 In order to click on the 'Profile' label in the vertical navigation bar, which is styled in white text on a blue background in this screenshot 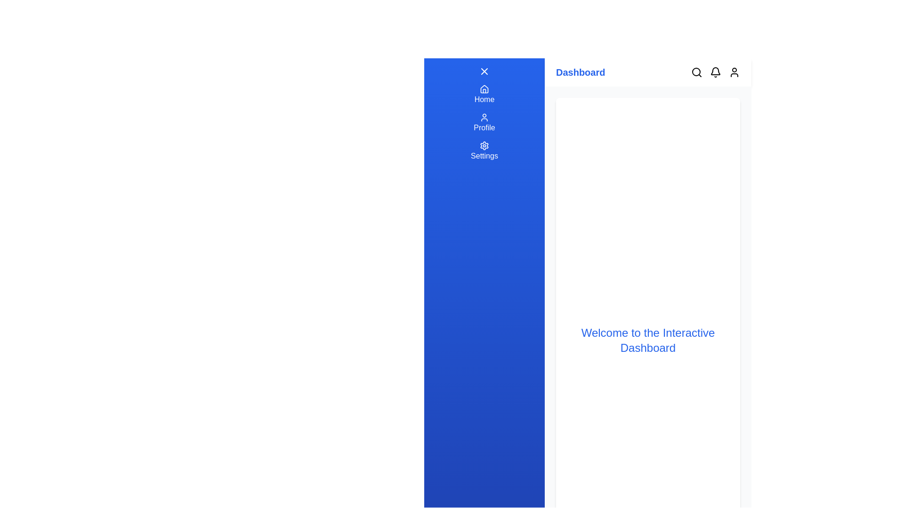, I will do `click(484, 127)`.